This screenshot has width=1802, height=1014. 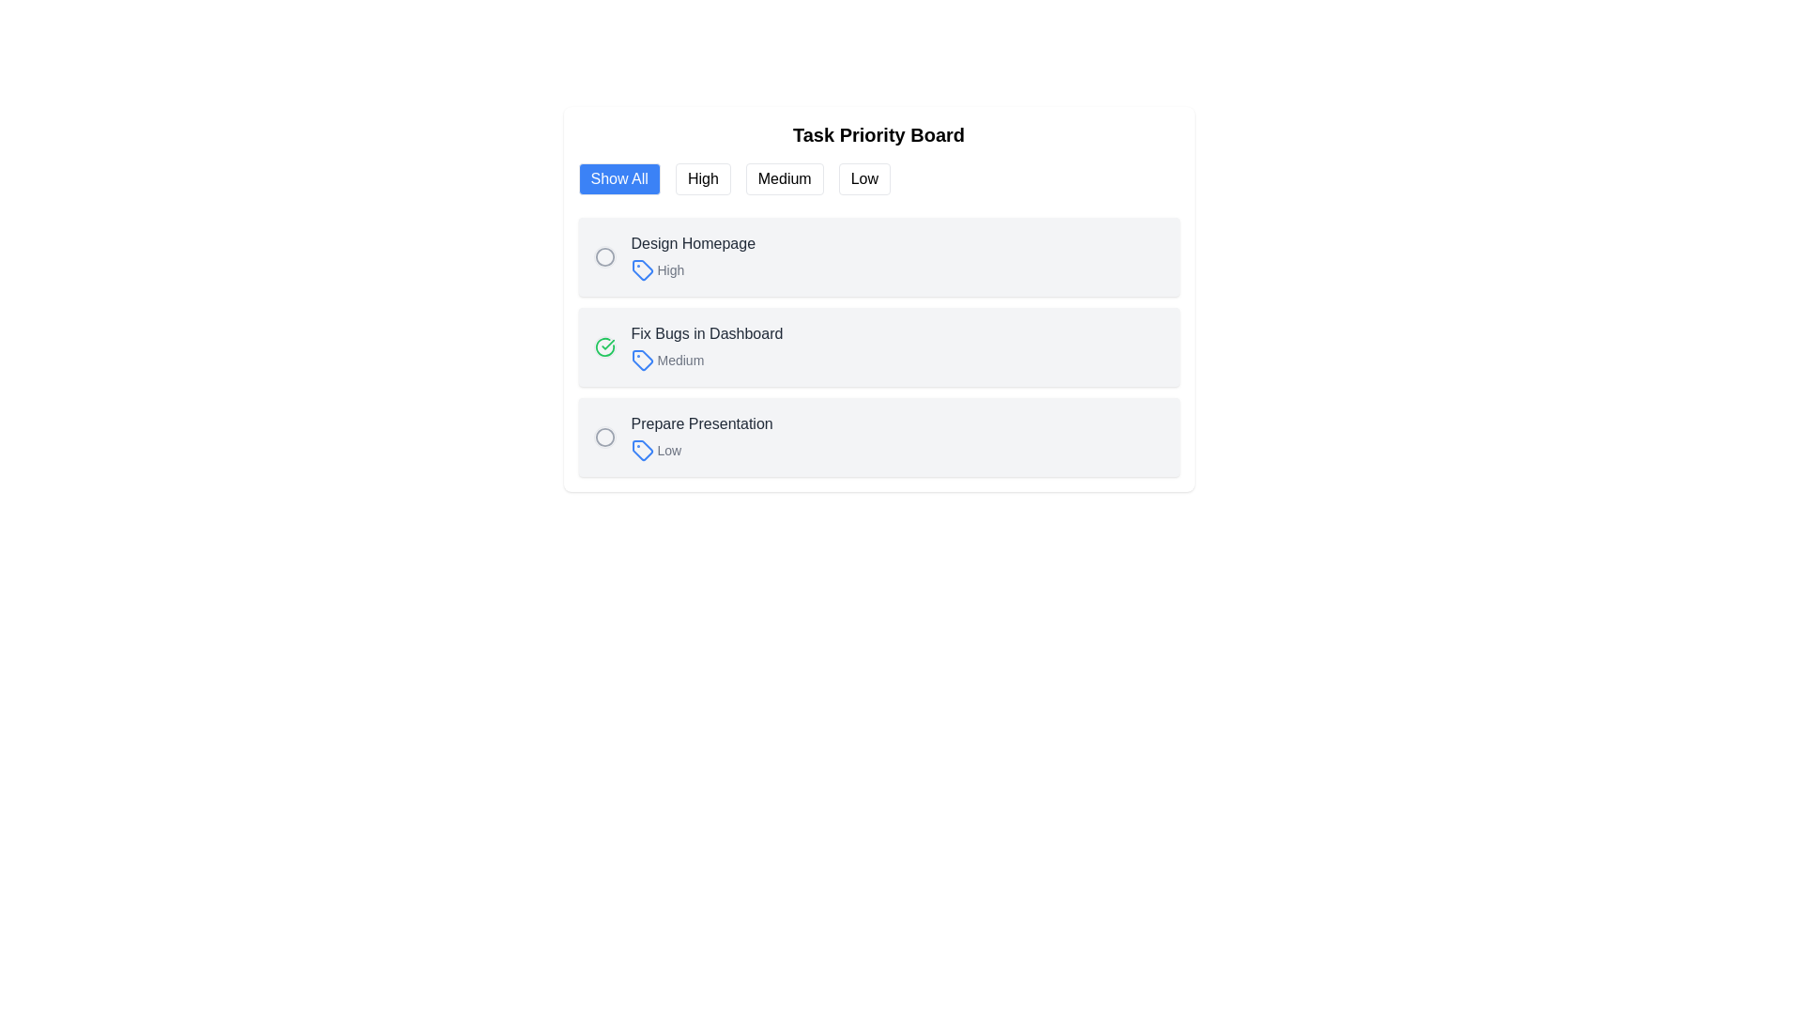 I want to click on the static text element that serves as the title or identifier of a task within a task card, located above the 'Low' tag and to the right of an unselected circular checkbox, so click(x=701, y=423).